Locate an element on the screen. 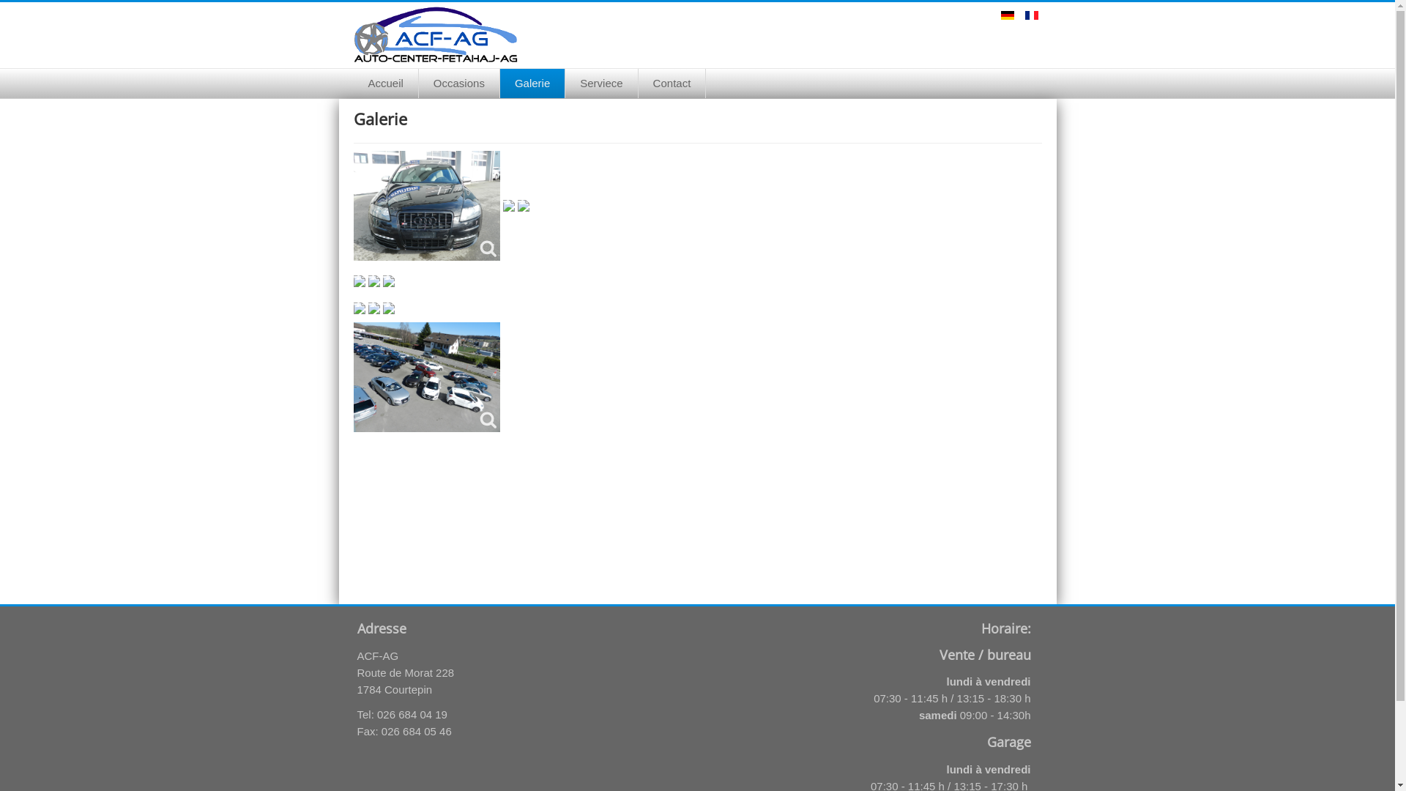 The width and height of the screenshot is (1406, 791). 'Deutsch' is located at coordinates (1007, 15).